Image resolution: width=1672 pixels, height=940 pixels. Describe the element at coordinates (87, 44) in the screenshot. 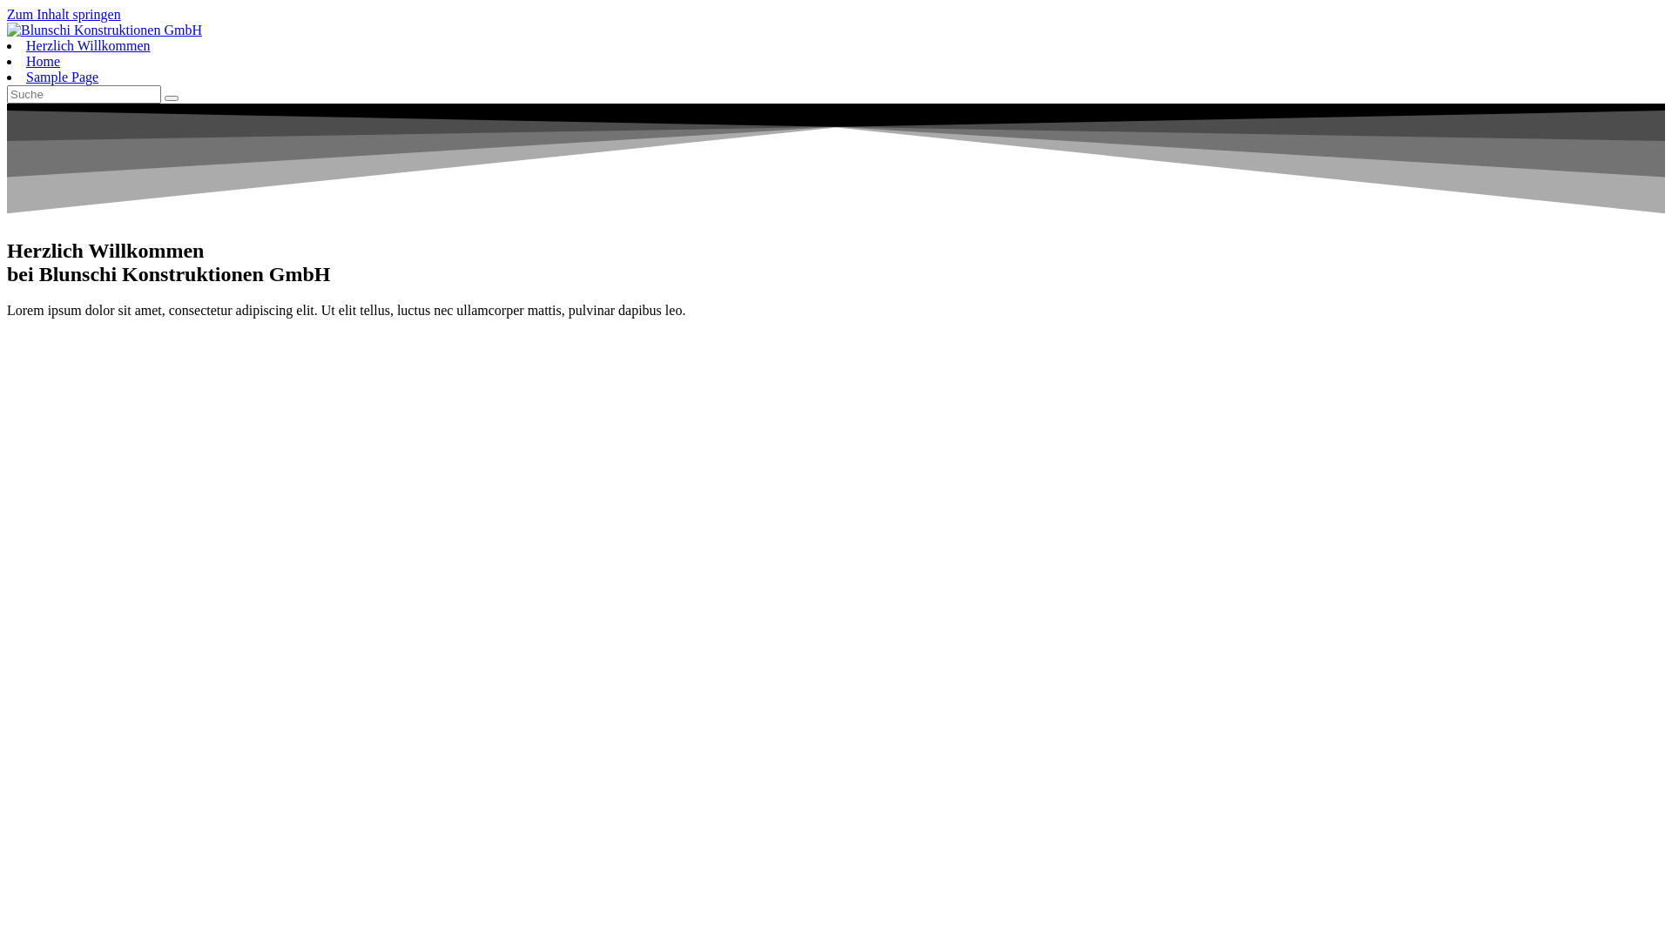

I see `'Herzlich Willkommen'` at that location.